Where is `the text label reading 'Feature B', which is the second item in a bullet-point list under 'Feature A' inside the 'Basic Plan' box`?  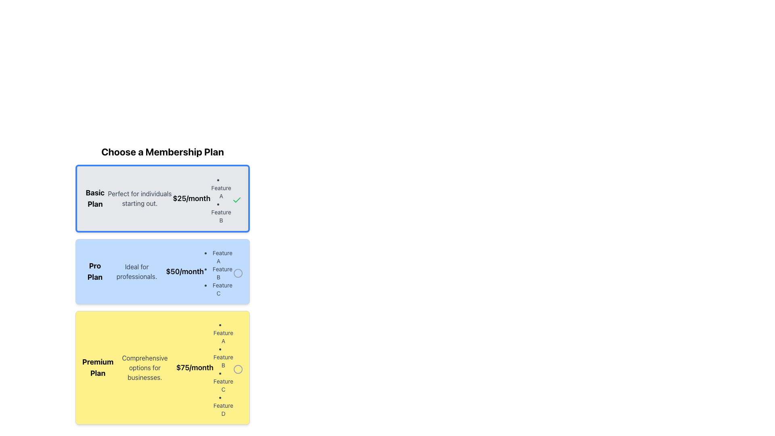 the text label reading 'Feature B', which is the second item in a bullet-point list under 'Feature A' inside the 'Basic Plan' box is located at coordinates (221, 212).